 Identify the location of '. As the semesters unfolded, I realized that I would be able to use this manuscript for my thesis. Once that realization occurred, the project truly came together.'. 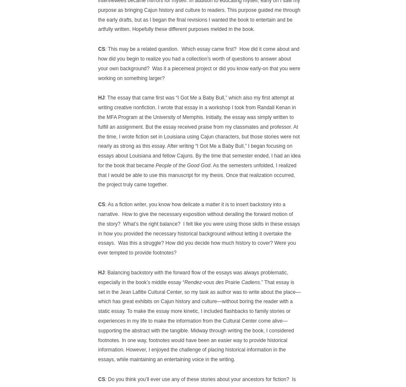
(197, 174).